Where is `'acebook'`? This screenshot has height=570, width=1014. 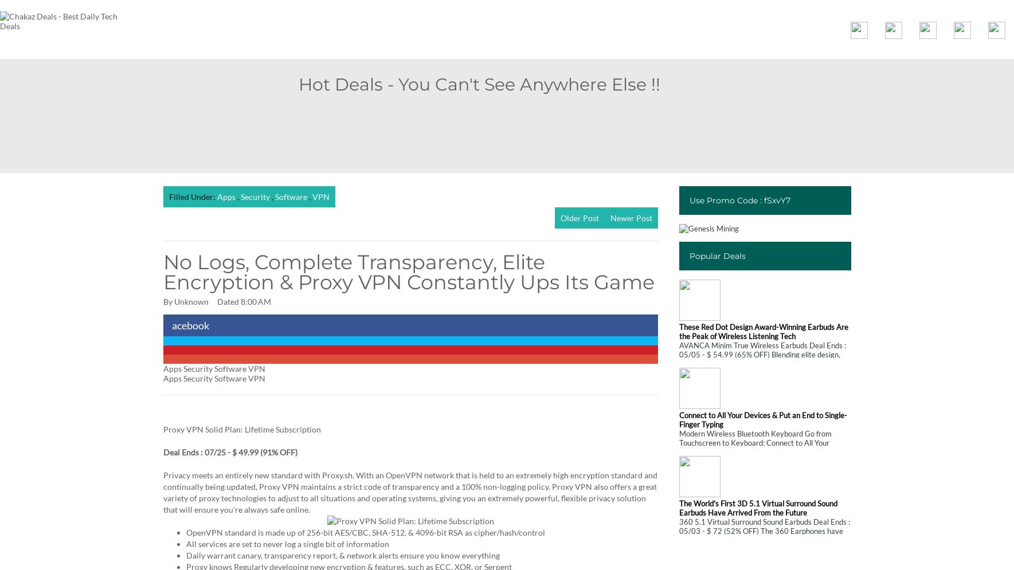
'acebook' is located at coordinates (190, 325).